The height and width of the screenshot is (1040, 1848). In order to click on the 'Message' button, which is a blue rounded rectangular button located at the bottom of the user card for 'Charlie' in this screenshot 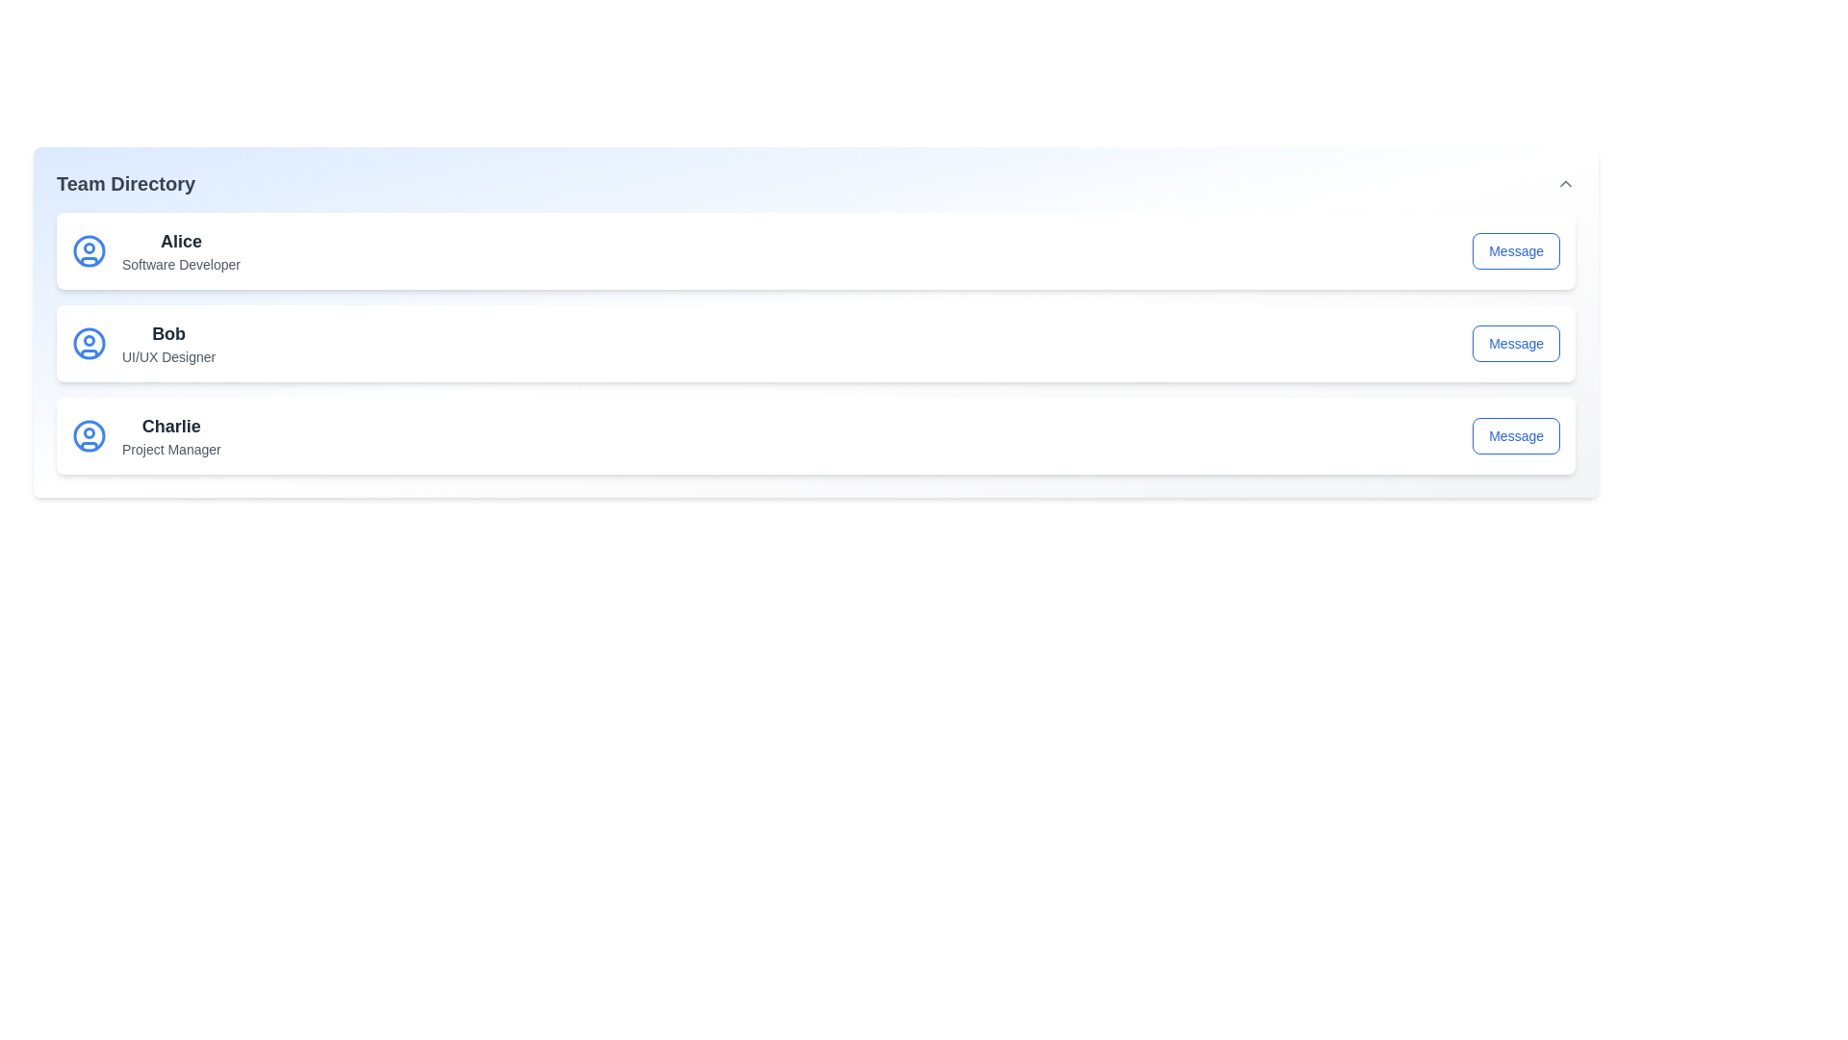, I will do `click(1515, 435)`.